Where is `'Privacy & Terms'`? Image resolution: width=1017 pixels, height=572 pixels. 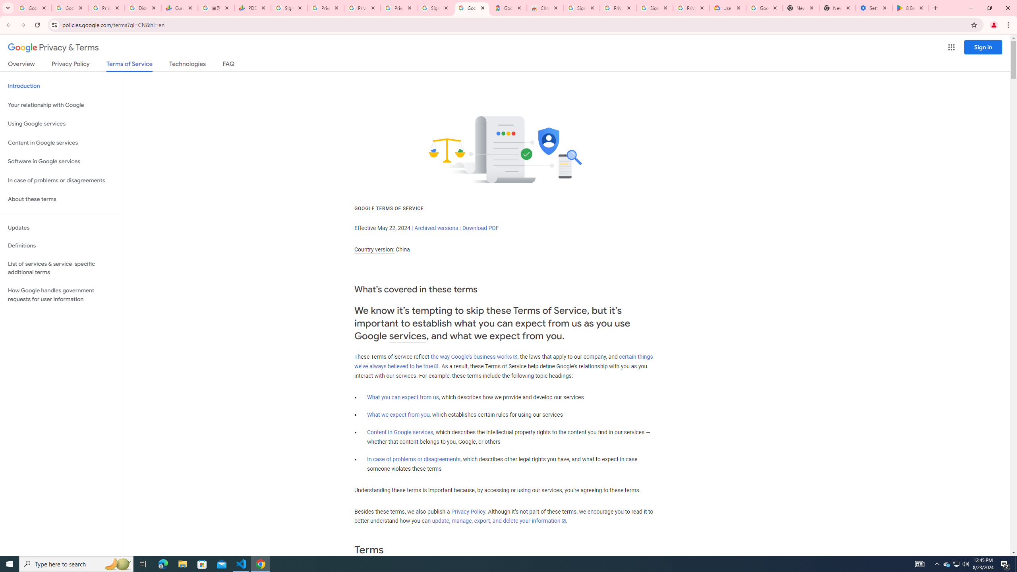
'Privacy & Terms' is located at coordinates (53, 47).